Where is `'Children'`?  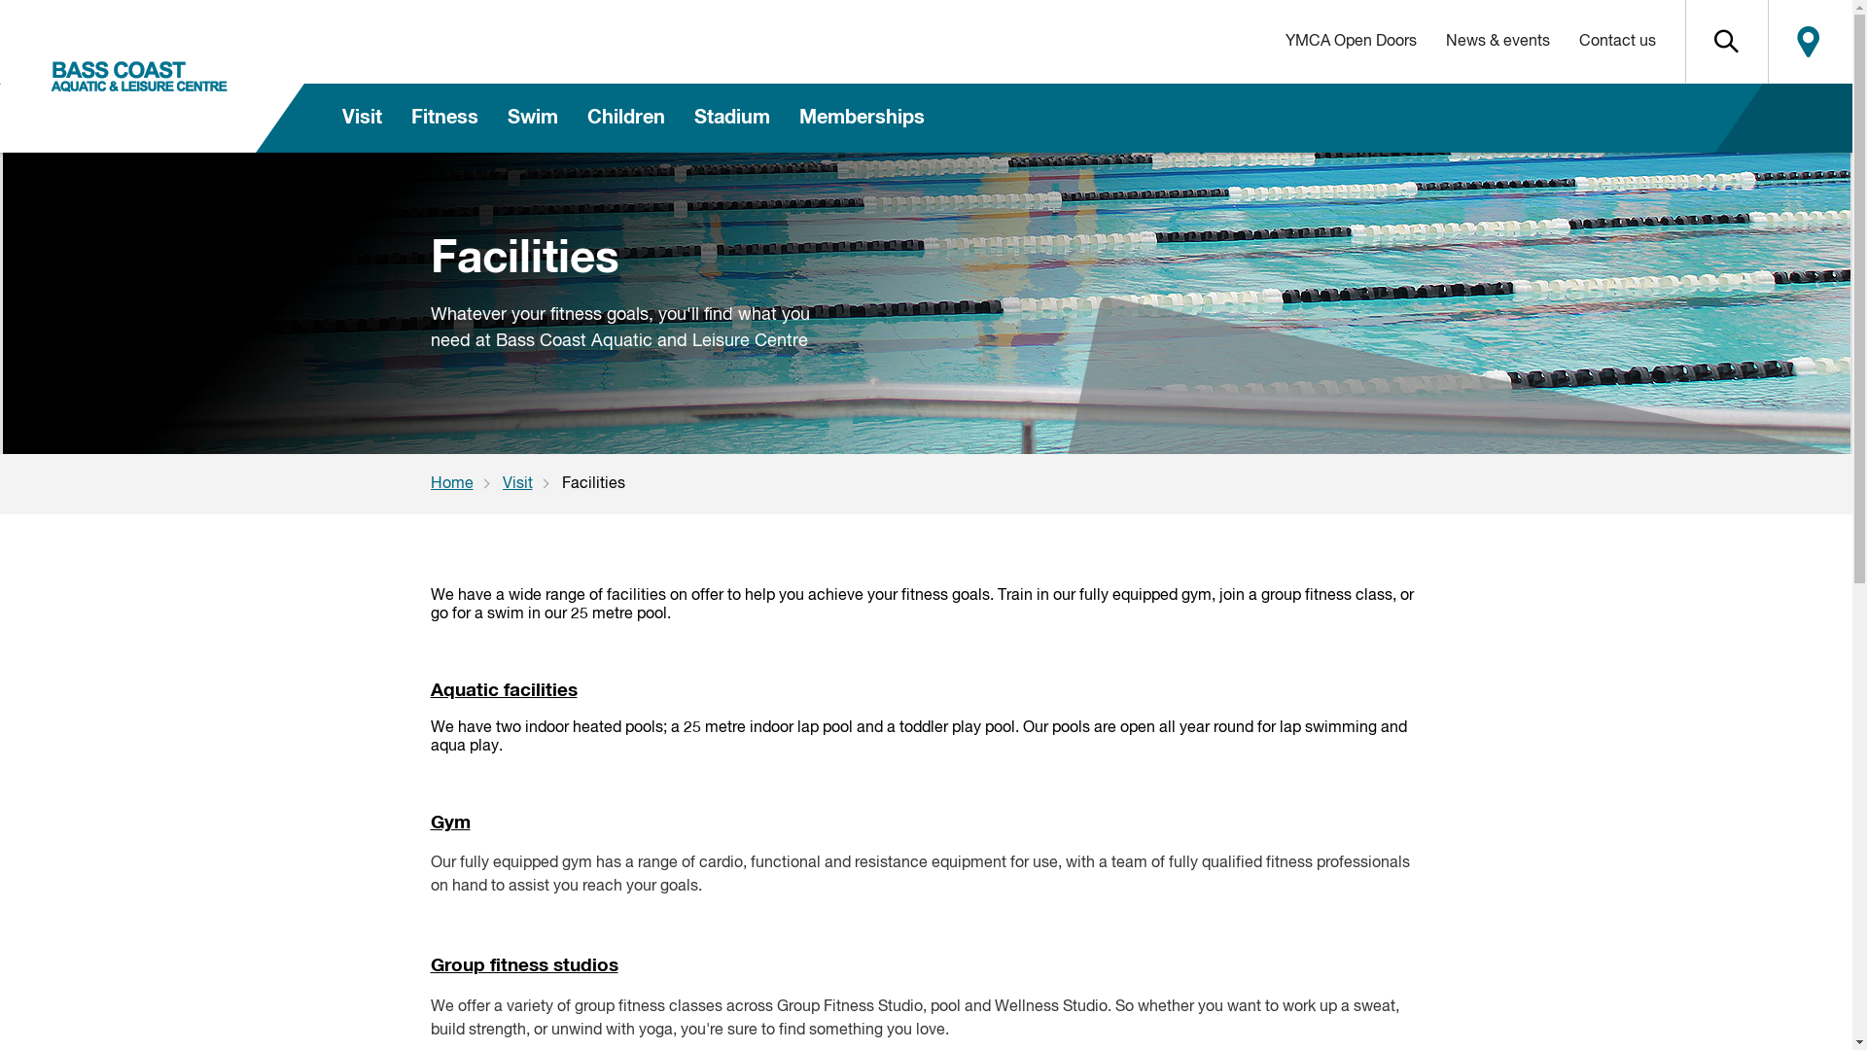
'Children' is located at coordinates (625, 118).